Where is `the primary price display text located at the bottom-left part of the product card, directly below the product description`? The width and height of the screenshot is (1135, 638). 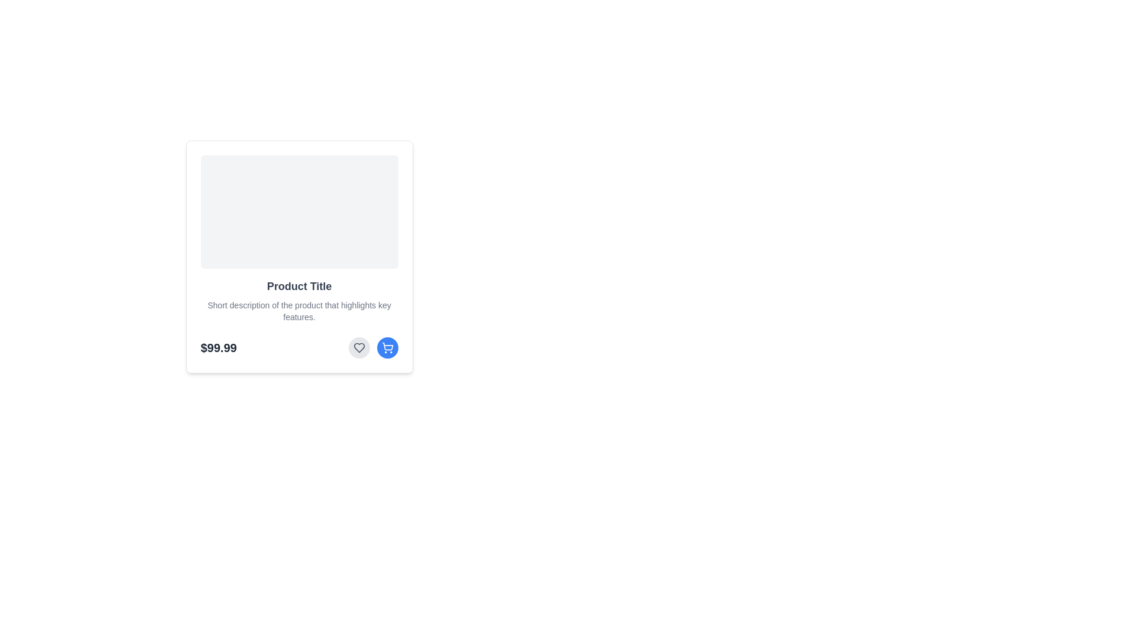
the primary price display text located at the bottom-left part of the product card, directly below the product description is located at coordinates (219, 347).